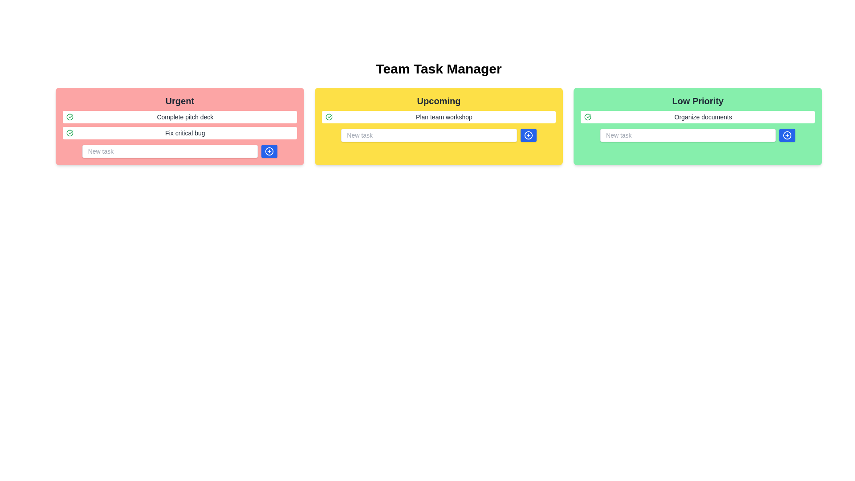 This screenshot has height=481, width=855. I want to click on the circular green icon with a checkmark located to the left of the text 'Plan team workshop' in the 'Upcoming' column's task list, so click(328, 116).